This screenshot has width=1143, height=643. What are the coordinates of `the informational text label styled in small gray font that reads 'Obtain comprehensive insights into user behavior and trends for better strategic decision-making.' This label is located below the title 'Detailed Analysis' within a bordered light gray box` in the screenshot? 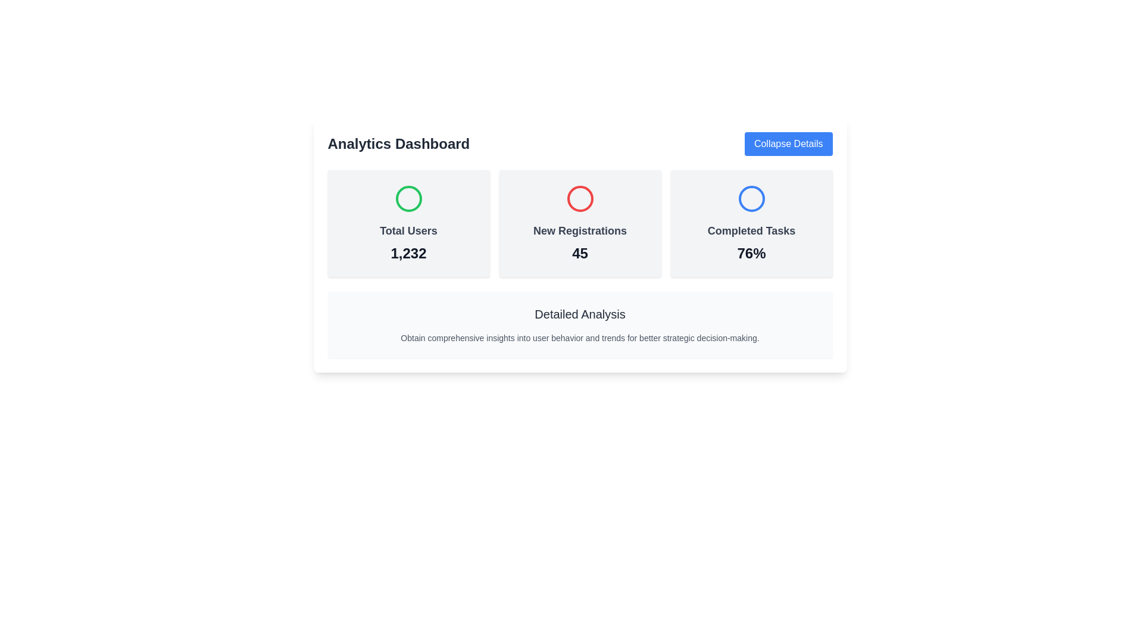 It's located at (580, 338).